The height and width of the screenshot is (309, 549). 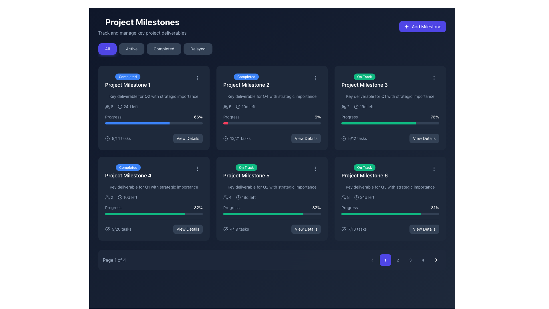 What do you see at coordinates (272, 210) in the screenshot?
I see `progress status and percentage displayed in the Progress Indicator located within the 'Project Milestone 5' card, which shows the milestone's progress visually` at bounding box center [272, 210].